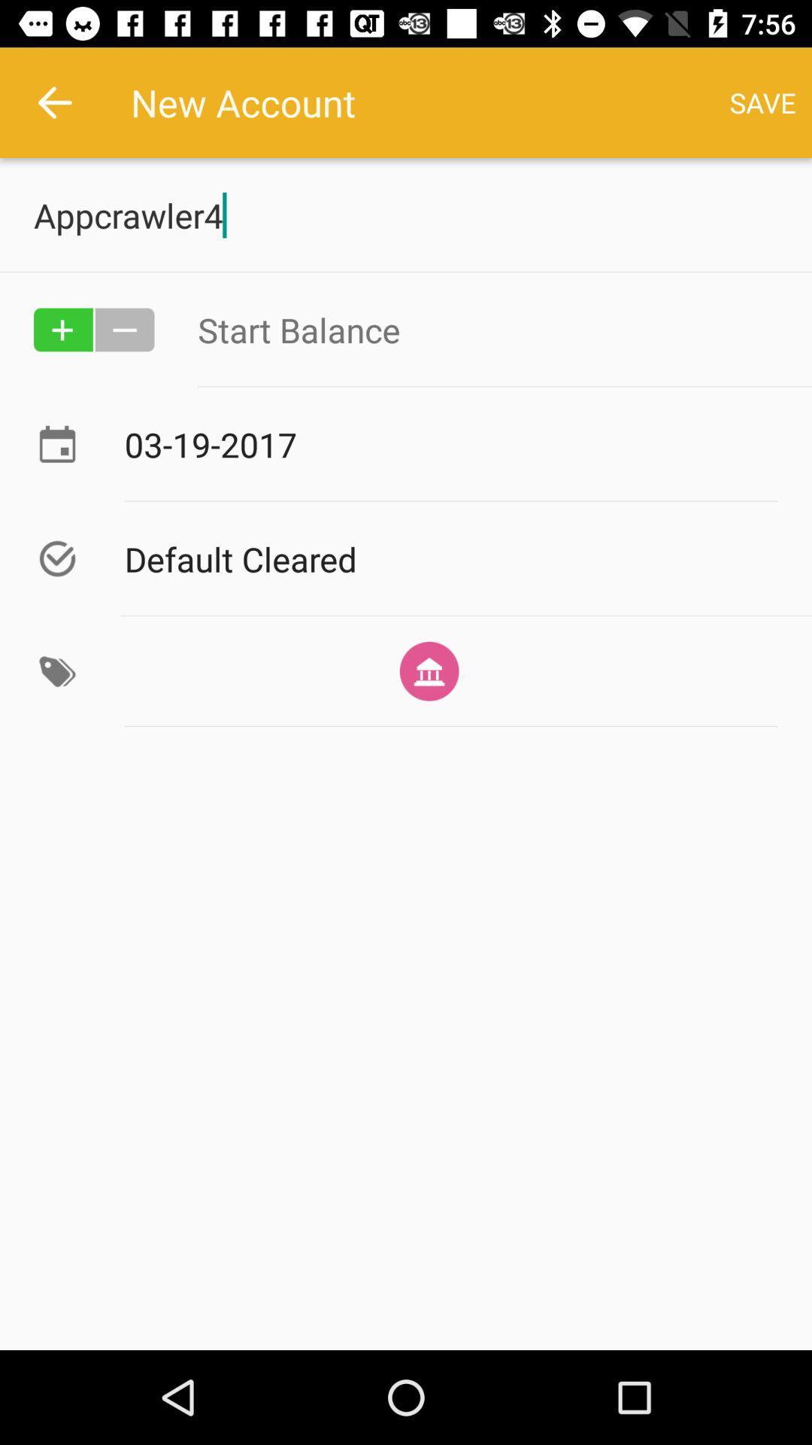 This screenshot has height=1445, width=812. I want to click on calendar button, so click(56, 443).